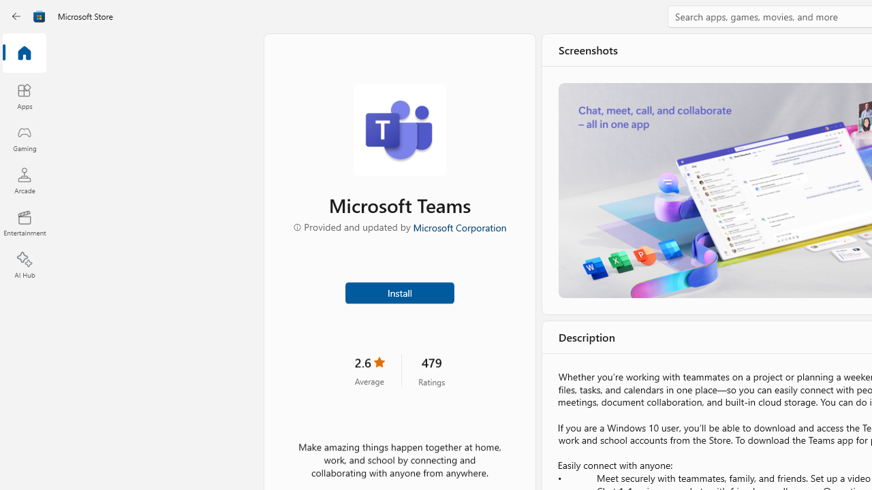  What do you see at coordinates (16, 16) in the screenshot?
I see `'Back'` at bounding box center [16, 16].